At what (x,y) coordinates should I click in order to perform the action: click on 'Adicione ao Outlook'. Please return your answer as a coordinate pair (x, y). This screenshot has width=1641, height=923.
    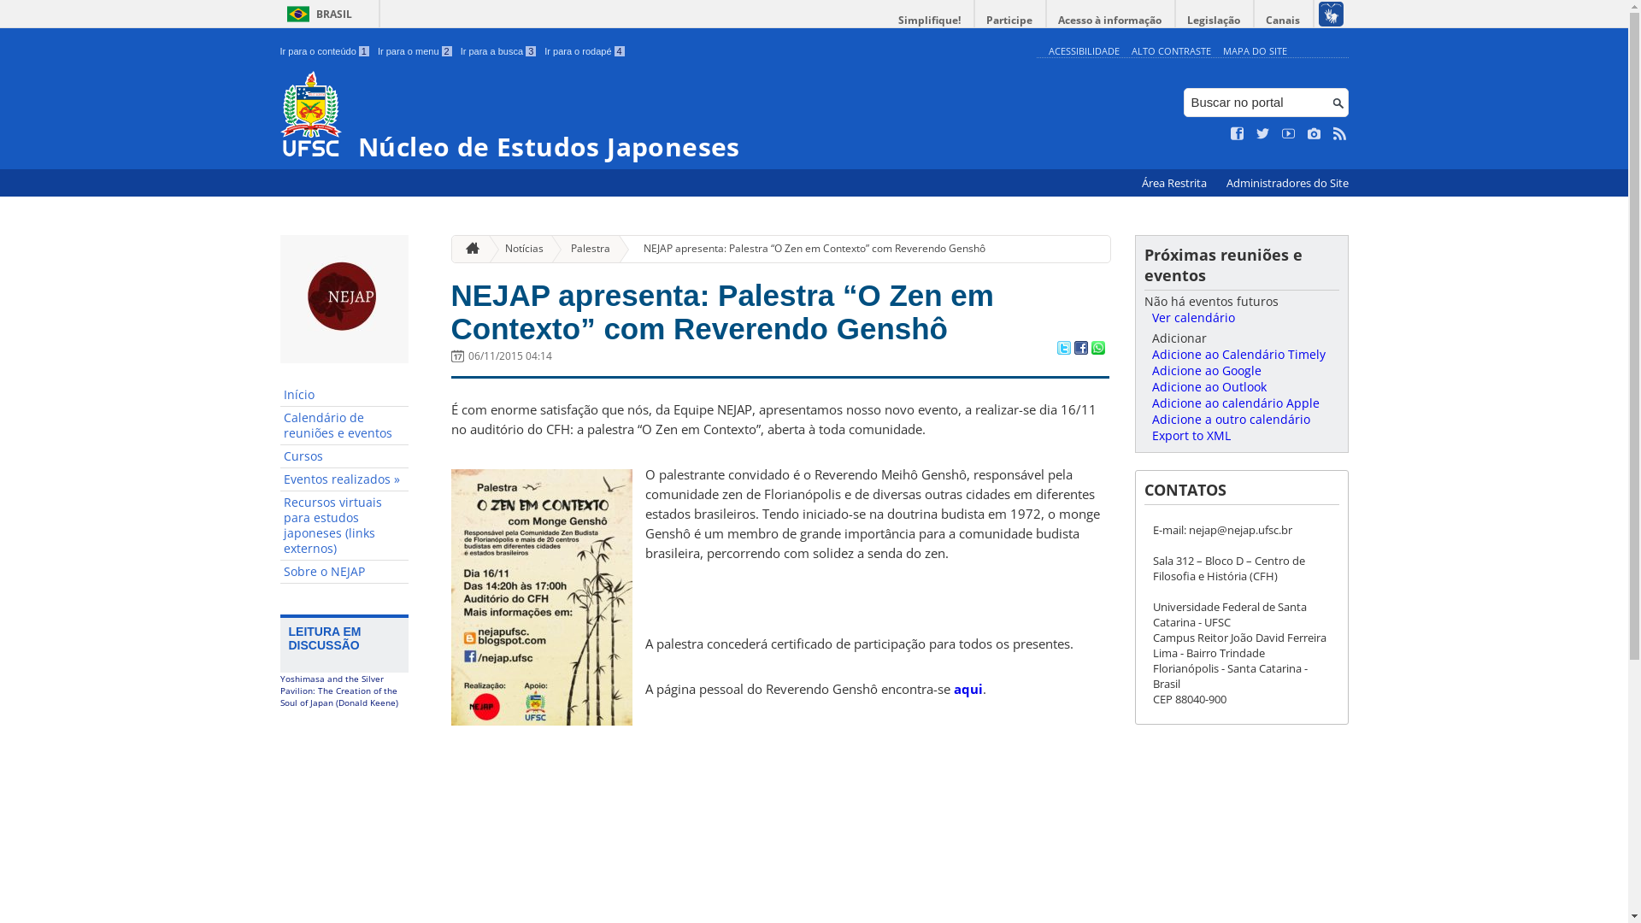
    Looking at the image, I should click on (1209, 386).